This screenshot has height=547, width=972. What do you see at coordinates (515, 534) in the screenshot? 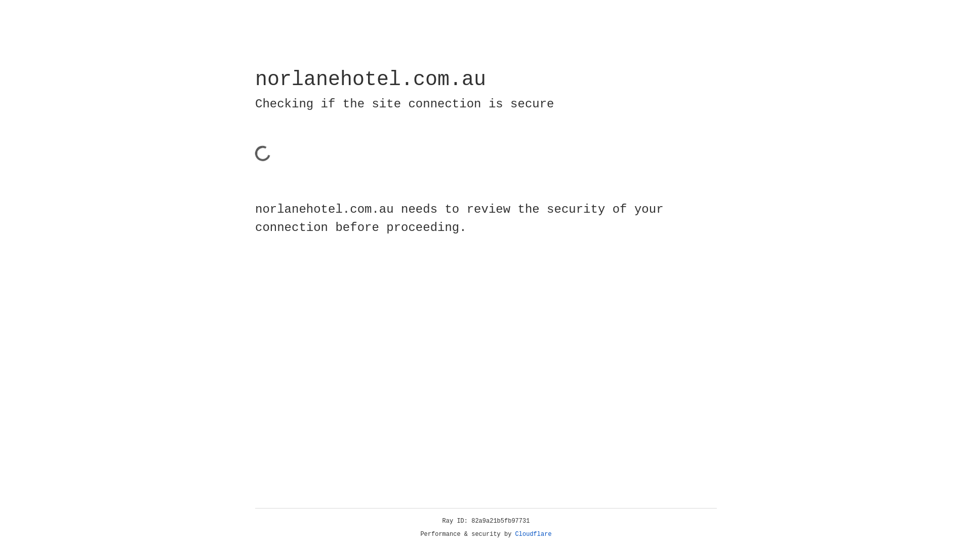
I see `'Cloudflare'` at bounding box center [515, 534].